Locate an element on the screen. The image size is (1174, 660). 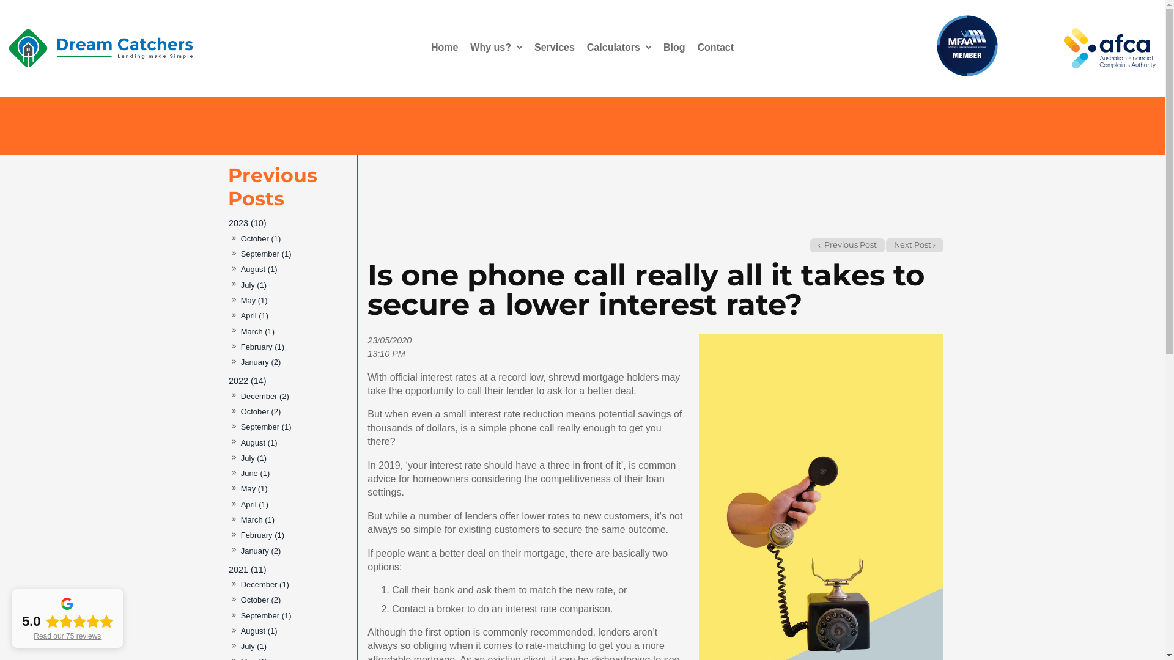
'Services' is located at coordinates (528, 47).